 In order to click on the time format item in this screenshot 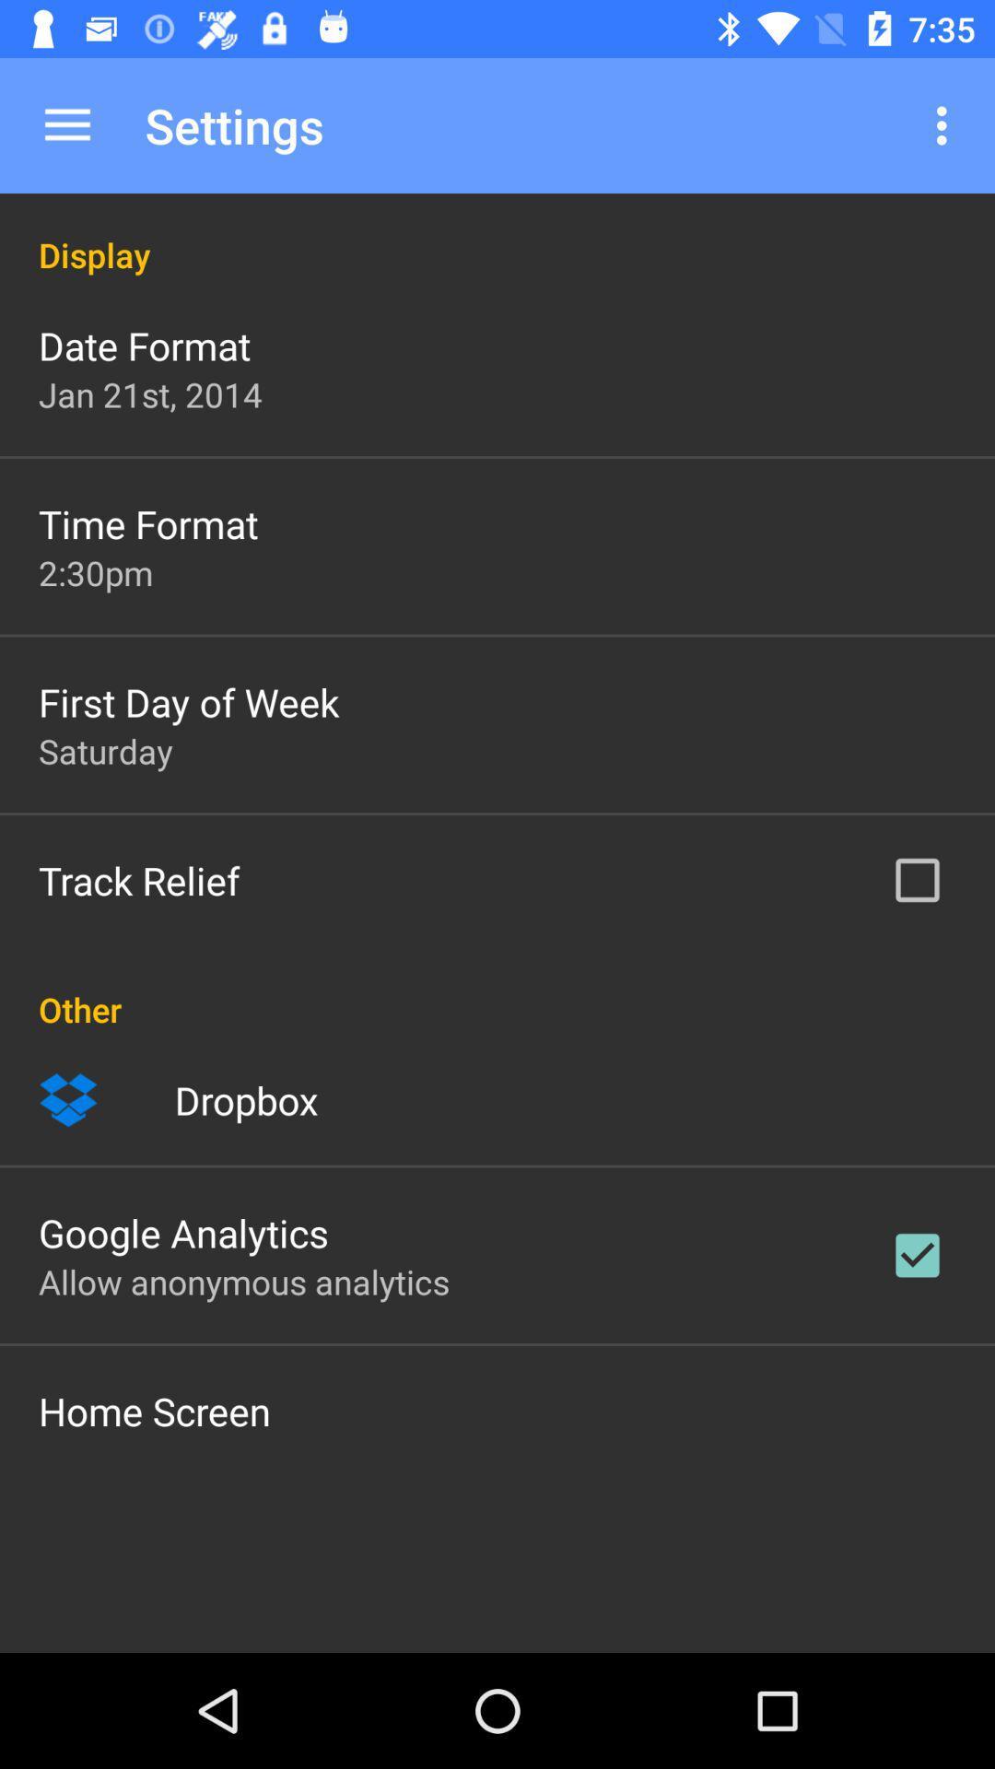, I will do `click(147, 522)`.